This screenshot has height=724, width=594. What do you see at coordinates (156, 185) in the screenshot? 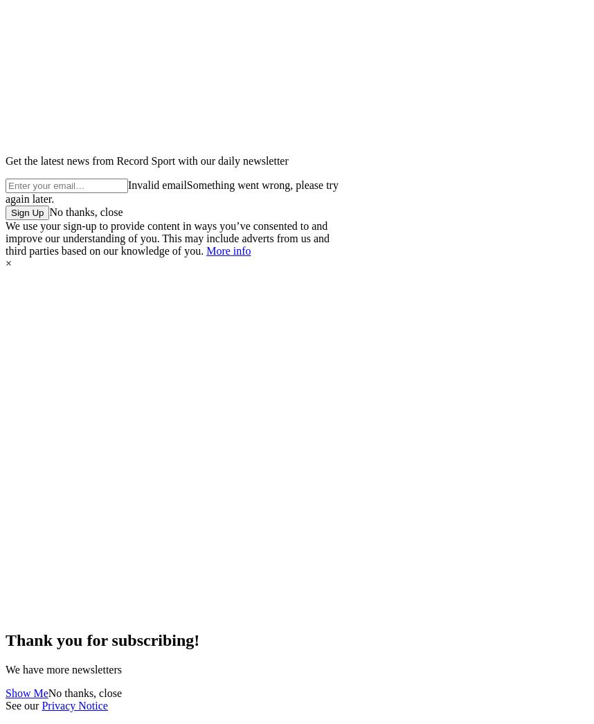
I see `'Invalid email'` at bounding box center [156, 185].